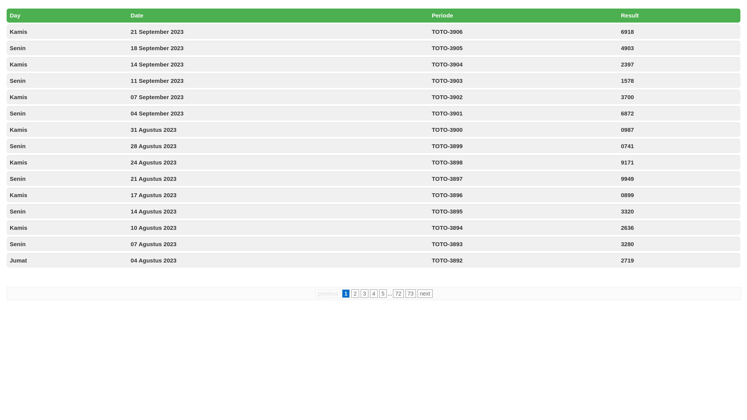  I want to click on '2', so click(354, 294).